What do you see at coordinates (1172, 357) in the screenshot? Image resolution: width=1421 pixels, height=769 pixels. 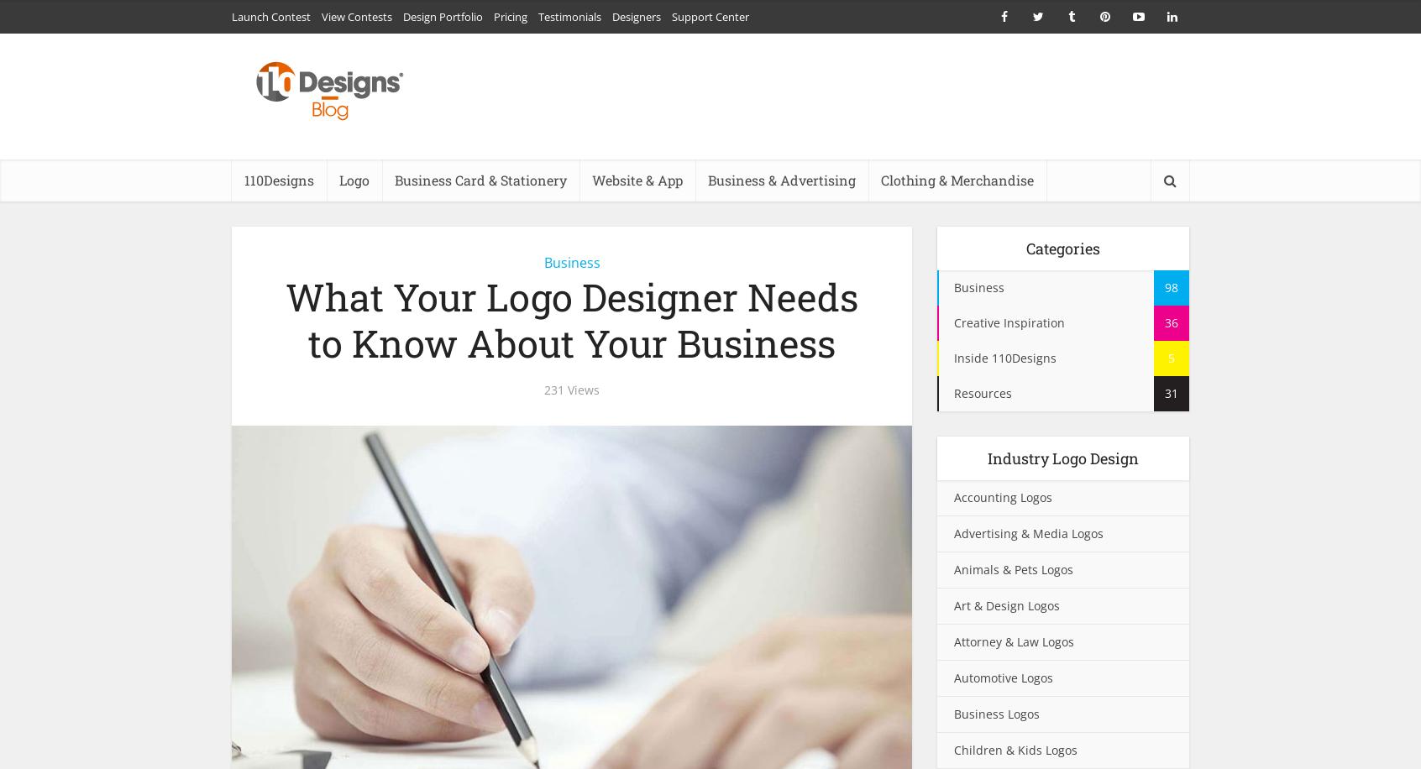 I see `'5'` at bounding box center [1172, 357].